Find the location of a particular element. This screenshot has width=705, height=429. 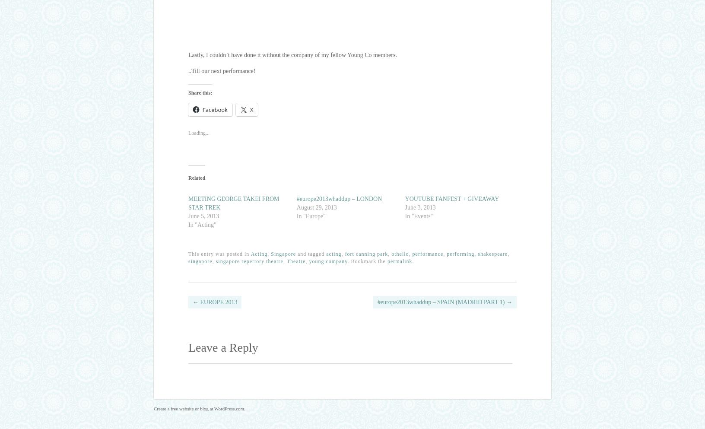

'Lastly, I couldn’t have done it without the company of my fellow Young Co members.' is located at coordinates (292, 54).